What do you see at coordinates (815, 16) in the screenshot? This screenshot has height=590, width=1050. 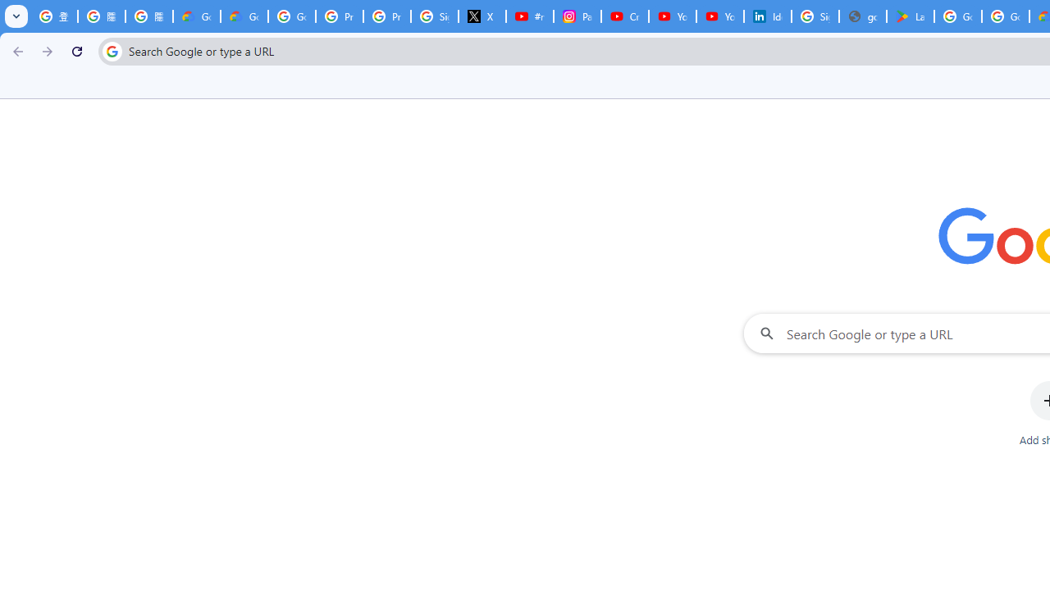 I see `'Sign in - Google Accounts'` at bounding box center [815, 16].